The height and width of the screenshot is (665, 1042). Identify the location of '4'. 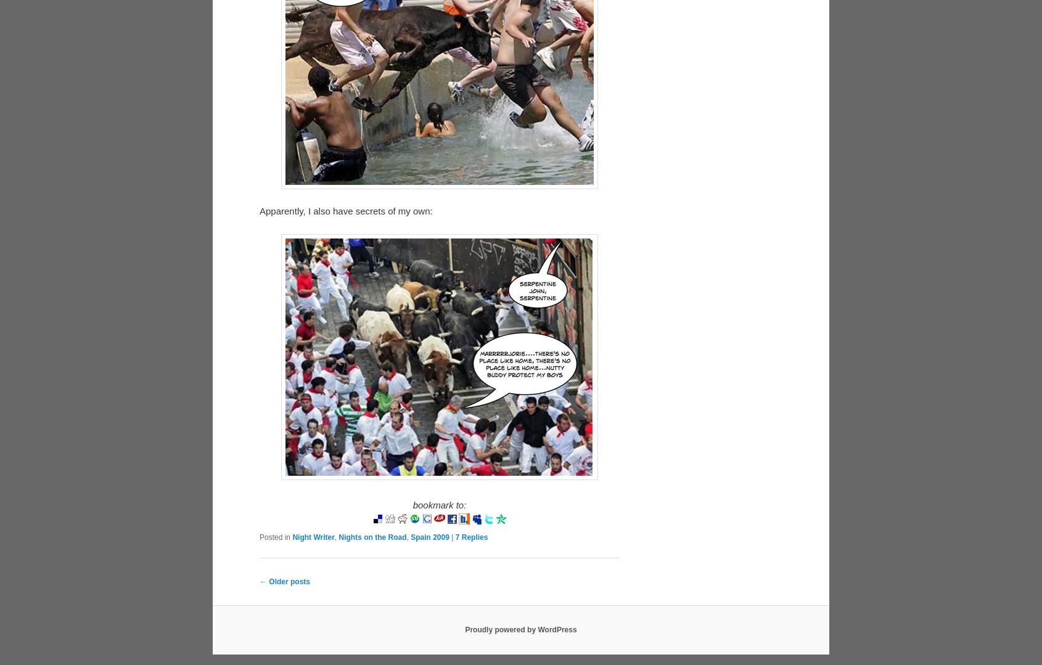
(456, 565).